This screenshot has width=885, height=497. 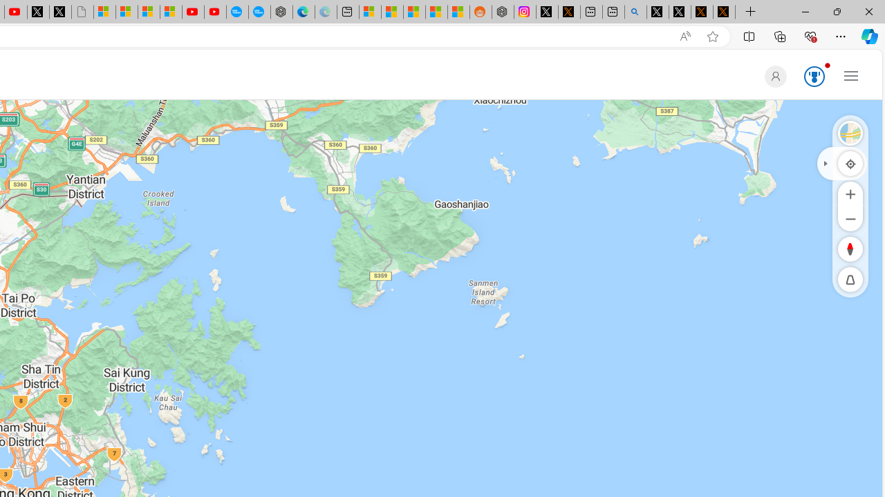 I want to click on 'GitHub (@github) / X', so click(x=680, y=12).